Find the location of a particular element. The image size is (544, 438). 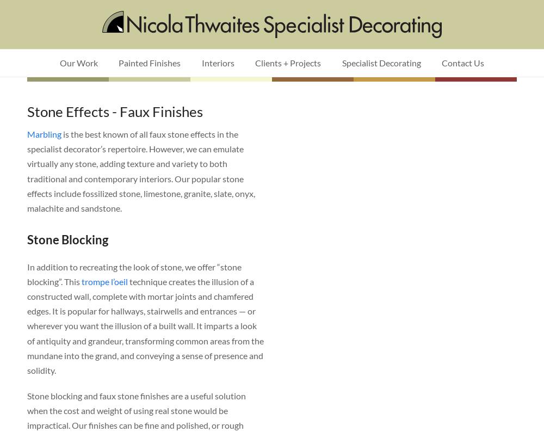

'Stone Effects - Faux Finishes' is located at coordinates (114, 111).